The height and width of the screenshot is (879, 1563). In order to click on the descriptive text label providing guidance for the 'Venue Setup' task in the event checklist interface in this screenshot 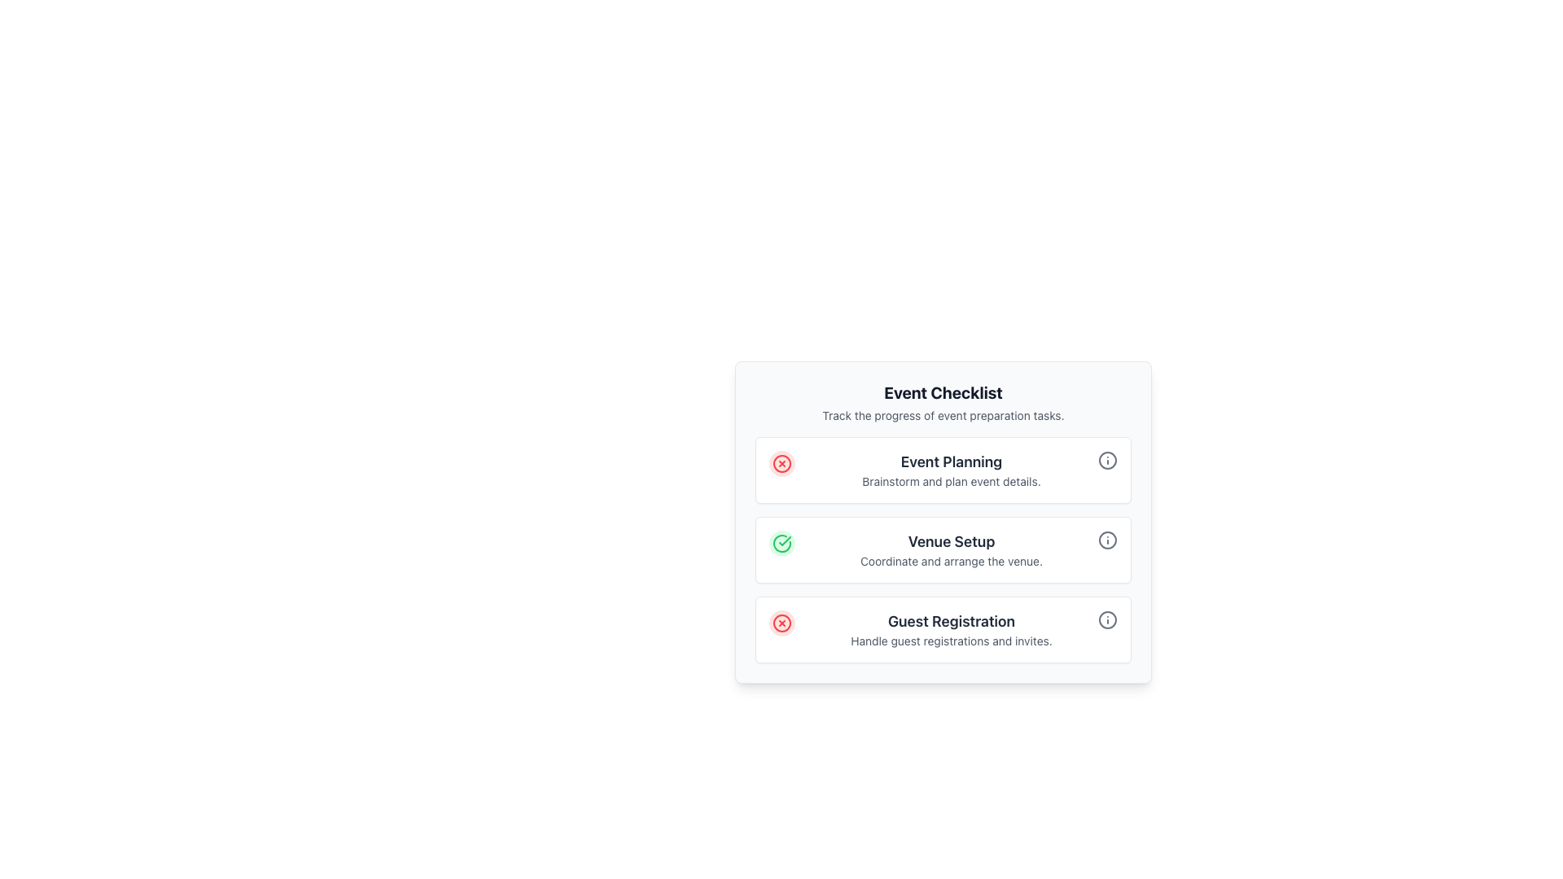, I will do `click(952, 561)`.